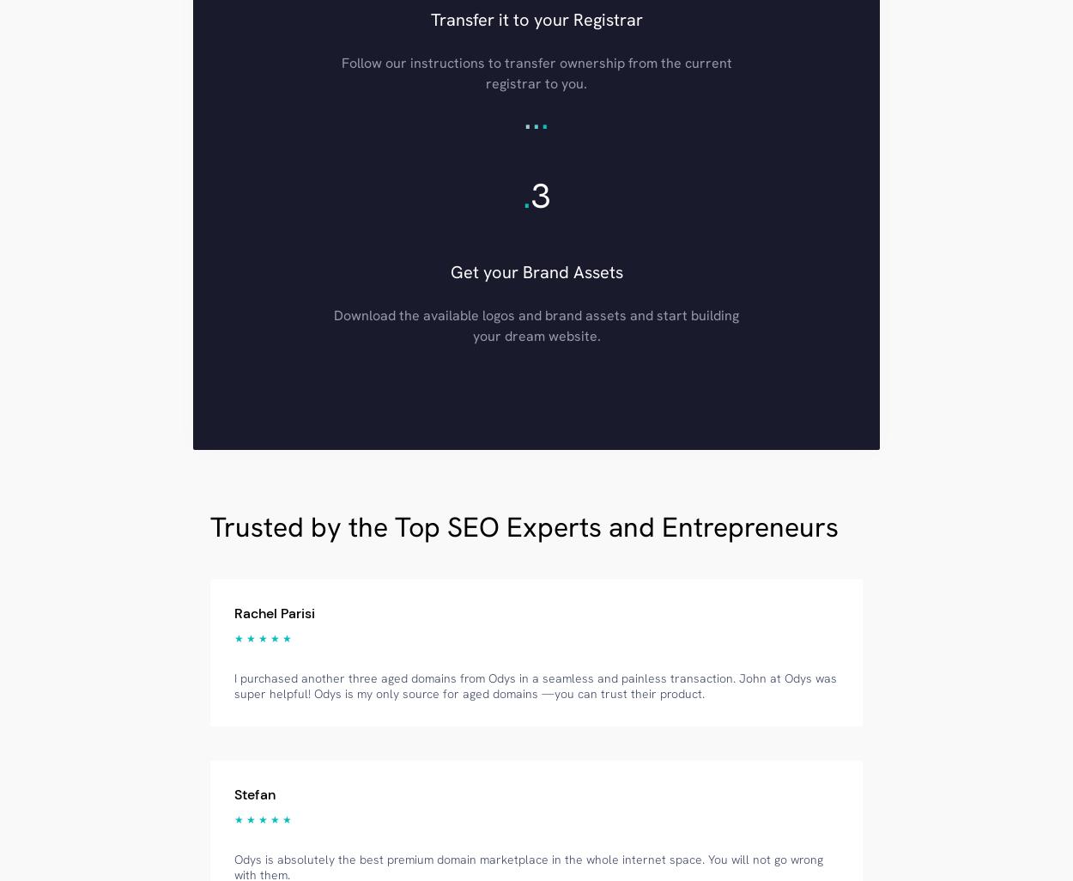  What do you see at coordinates (535, 18) in the screenshot?
I see `'Transfer it to your Registrar'` at bounding box center [535, 18].